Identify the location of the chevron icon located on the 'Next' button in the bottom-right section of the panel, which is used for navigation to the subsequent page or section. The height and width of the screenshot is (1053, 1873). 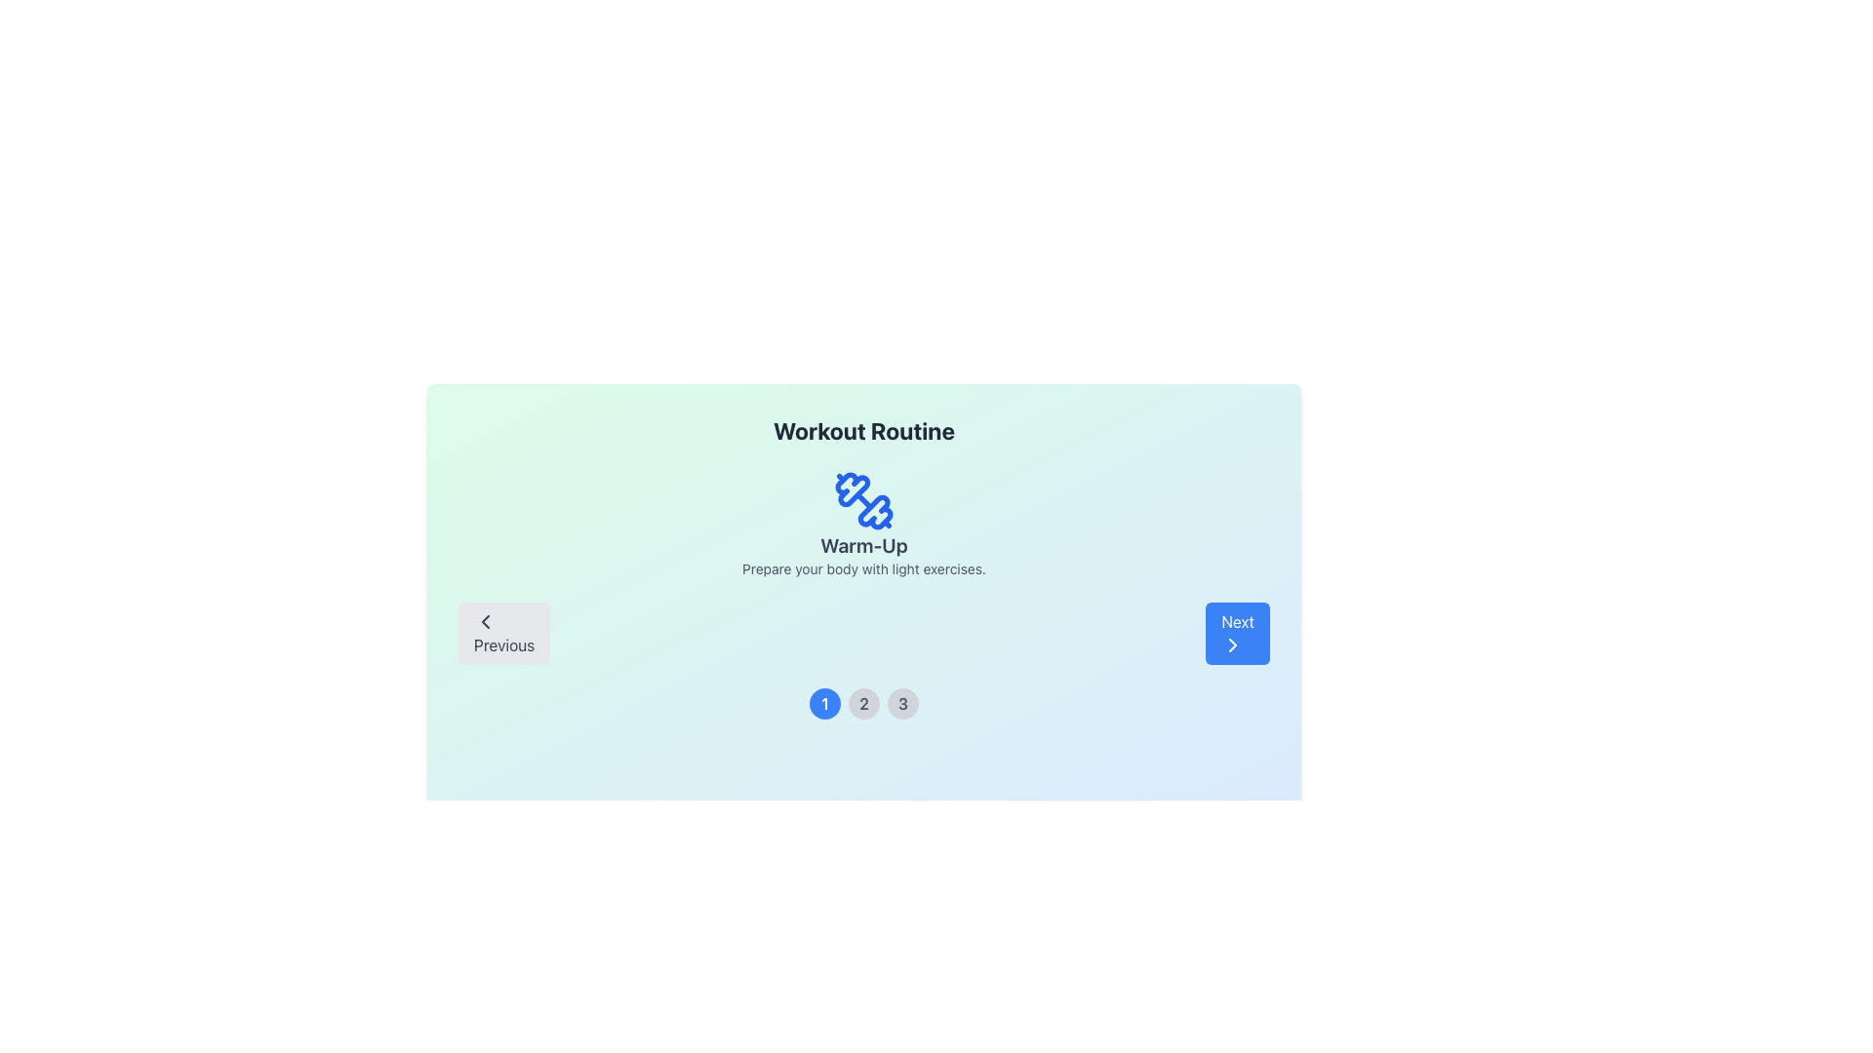
(1232, 645).